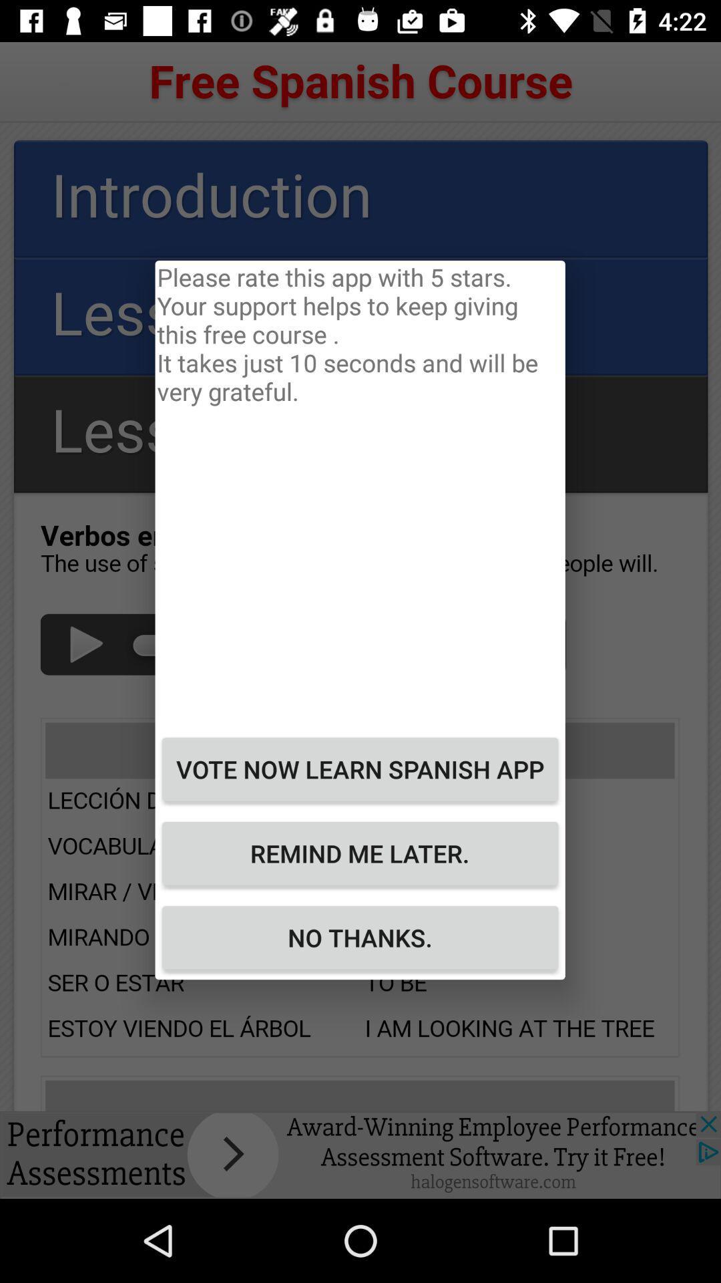 This screenshot has height=1283, width=721. I want to click on the icon below please rate this, so click(359, 769).